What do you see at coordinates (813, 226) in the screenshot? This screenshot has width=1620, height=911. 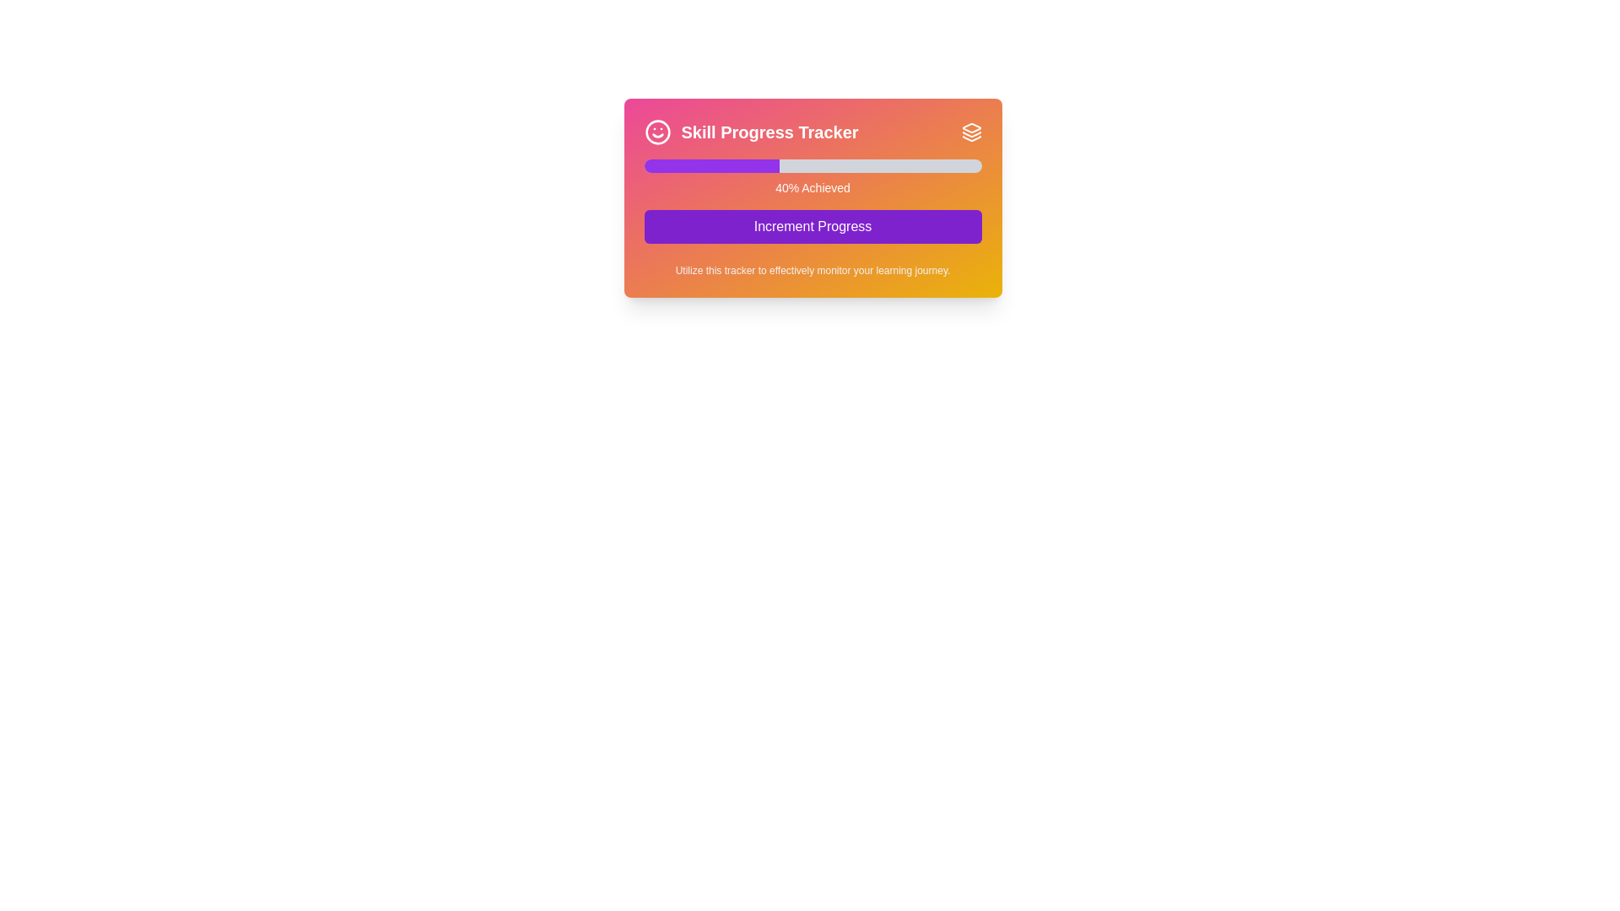 I see `the purple button labeled 'Increment Progress' for keyboard navigation` at bounding box center [813, 226].